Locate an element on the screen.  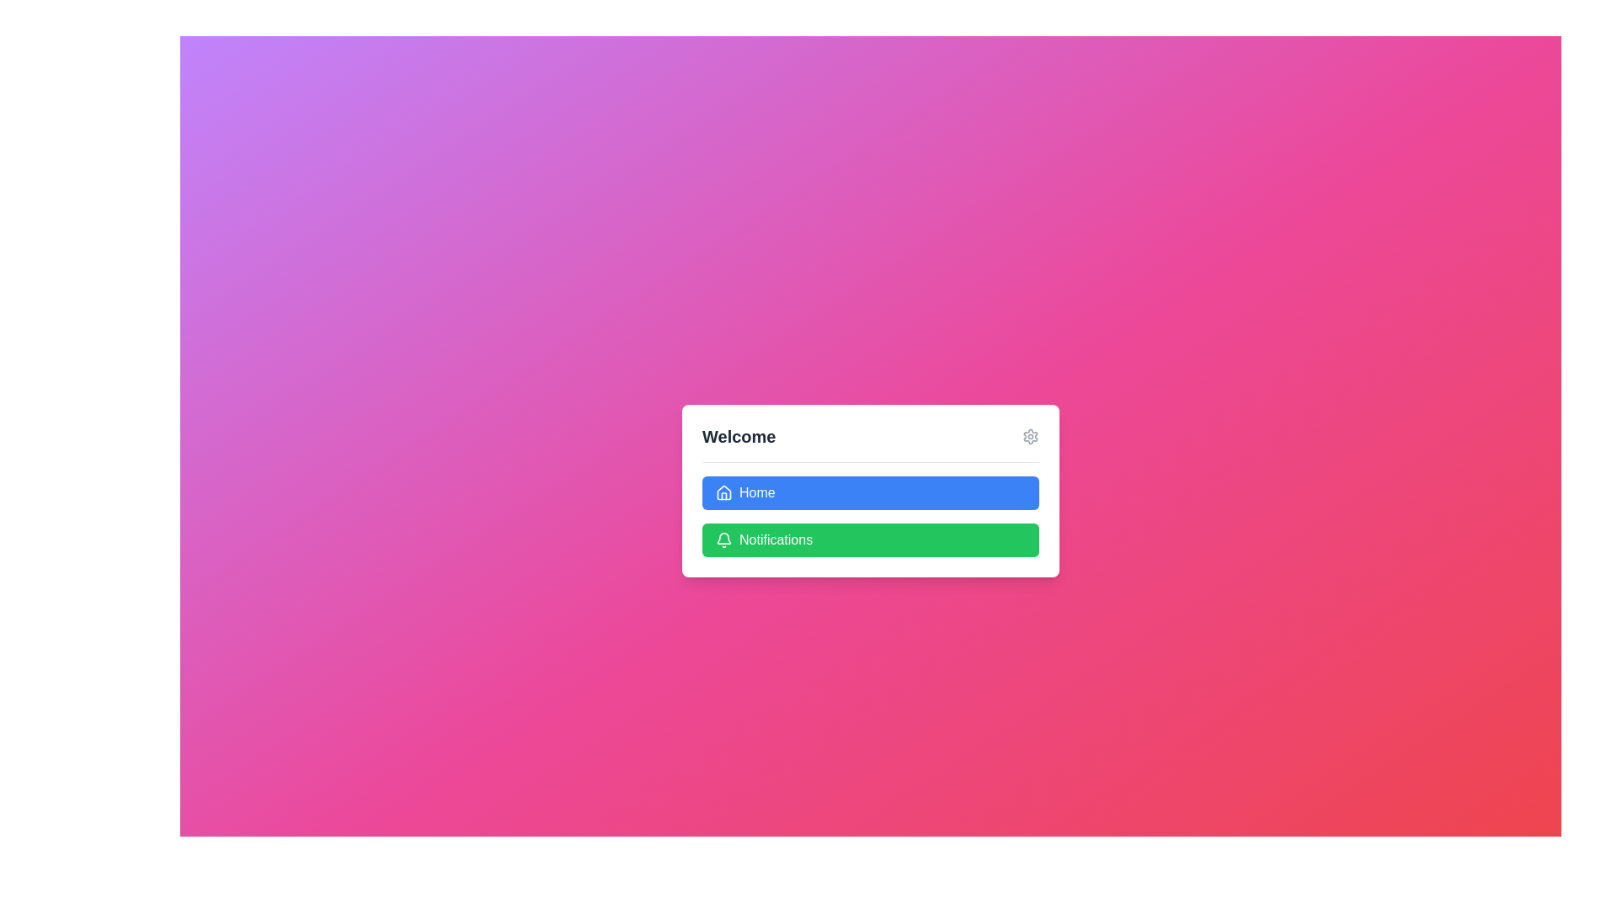
the 'Home' SVG Icon located within the blue rectangle at the top of the navigation options is located at coordinates (723, 492).